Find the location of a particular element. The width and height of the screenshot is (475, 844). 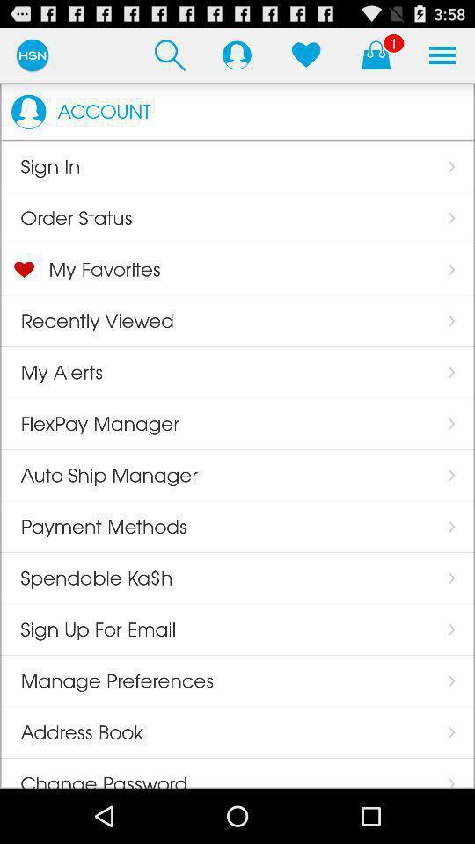

favorites is located at coordinates (305, 55).